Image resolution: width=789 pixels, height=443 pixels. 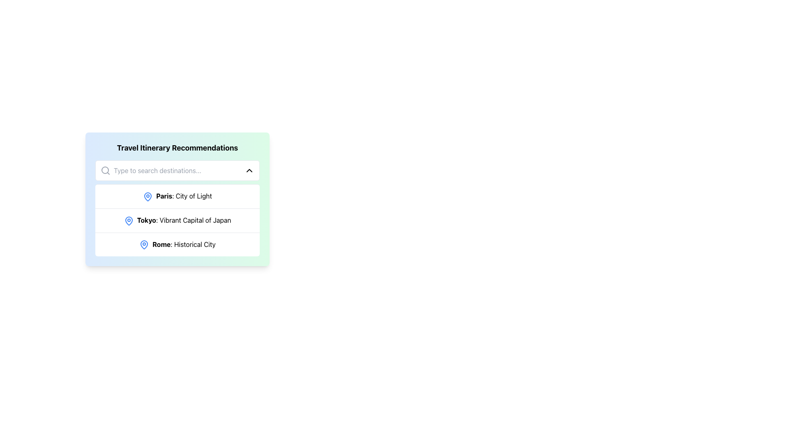 I want to click on the bold text 'Rome' which is located in the third row of the 'Travel Itinerary Recommendations' list, immediately to the right of a blue map pin icon, so click(x=161, y=244).